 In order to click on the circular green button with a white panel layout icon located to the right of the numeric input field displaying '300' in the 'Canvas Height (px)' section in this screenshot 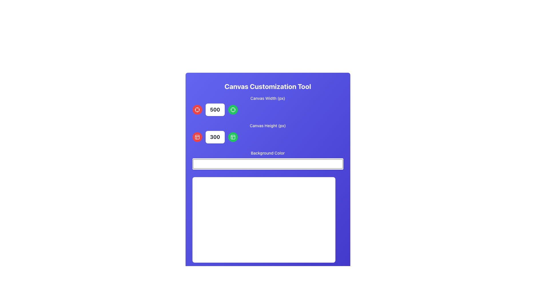, I will do `click(233, 137)`.